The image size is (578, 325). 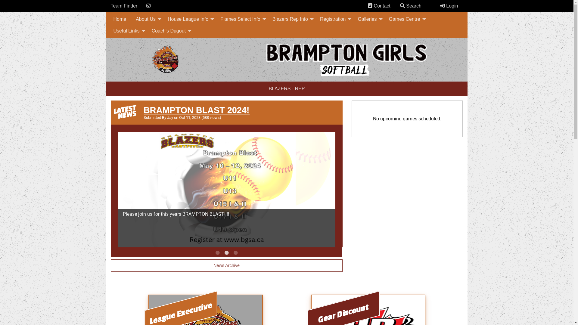 What do you see at coordinates (148, 6) in the screenshot?
I see `'Instagram'` at bounding box center [148, 6].